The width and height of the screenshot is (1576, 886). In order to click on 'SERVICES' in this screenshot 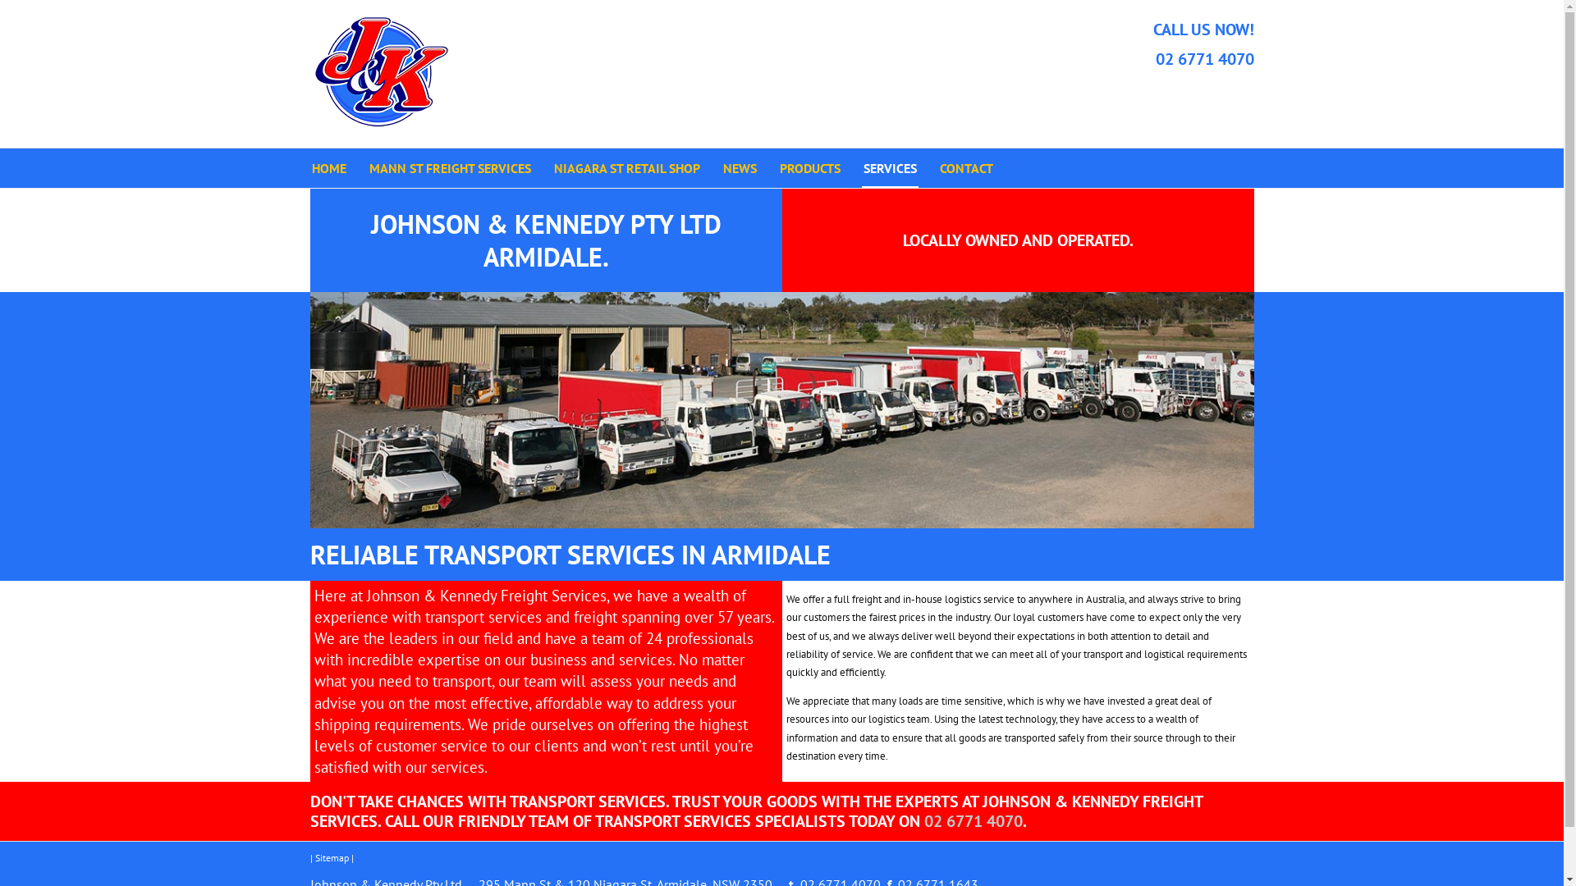, I will do `click(889, 167)`.